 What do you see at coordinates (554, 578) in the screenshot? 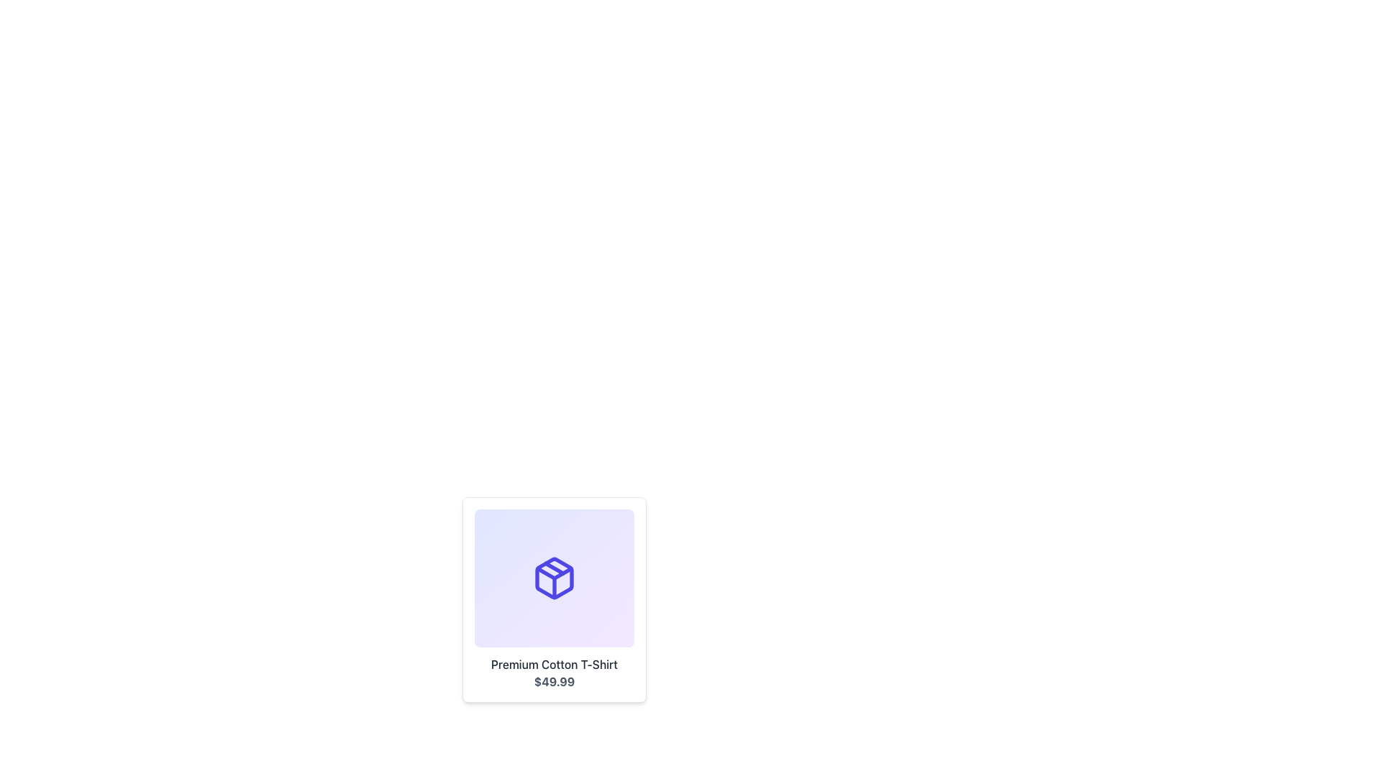
I see `the blue cube-shaped icon with a 3D impression located at the center of the SVG graphic in the card component` at bounding box center [554, 578].